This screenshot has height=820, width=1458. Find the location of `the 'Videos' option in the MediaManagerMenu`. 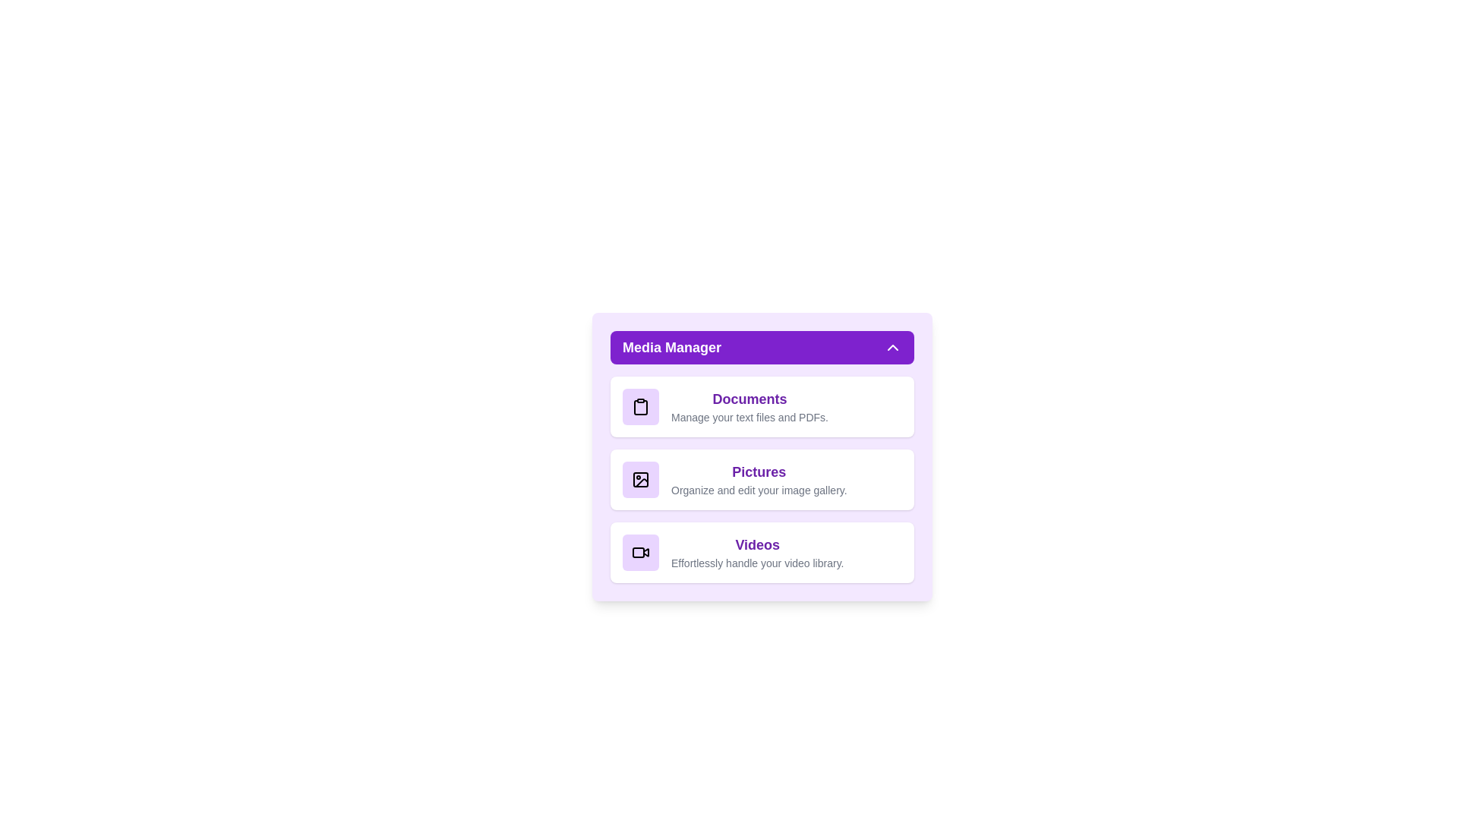

the 'Videos' option in the MediaManagerMenu is located at coordinates (762, 553).